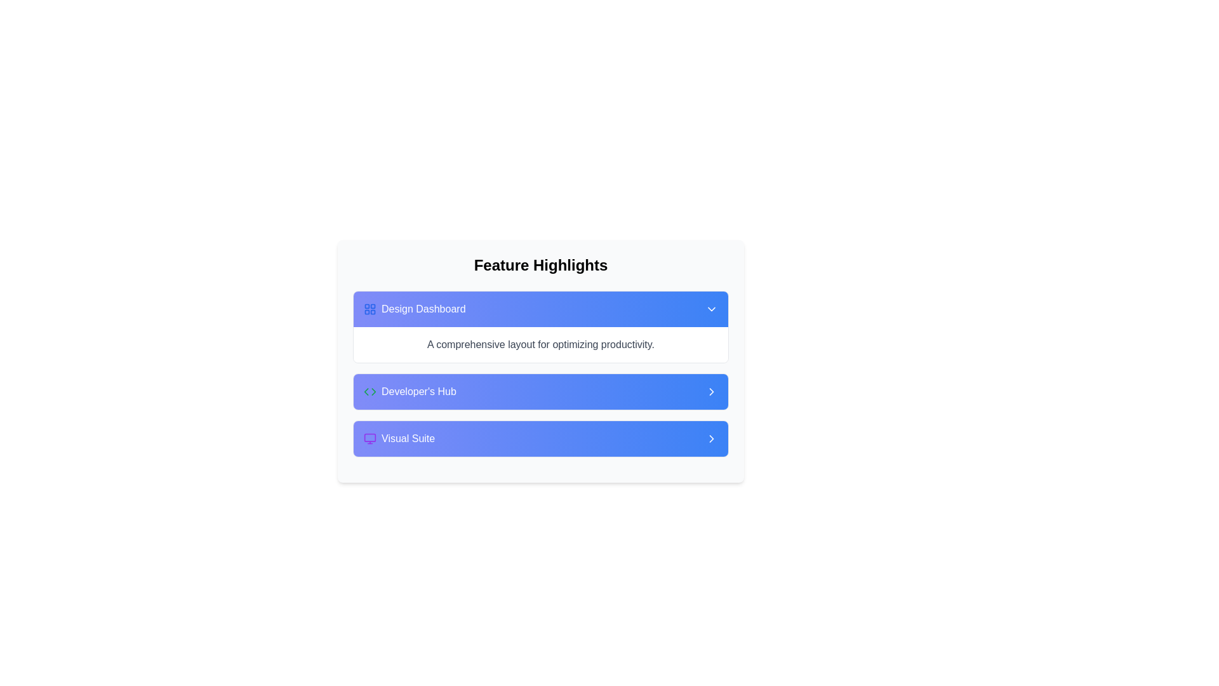 The width and height of the screenshot is (1219, 686). What do you see at coordinates (540, 391) in the screenshot?
I see `the second item in the vertical list of highlighted features, which serves as a clickable list item redirecting to the Developer's Hub for tooltip or highlight effects` at bounding box center [540, 391].